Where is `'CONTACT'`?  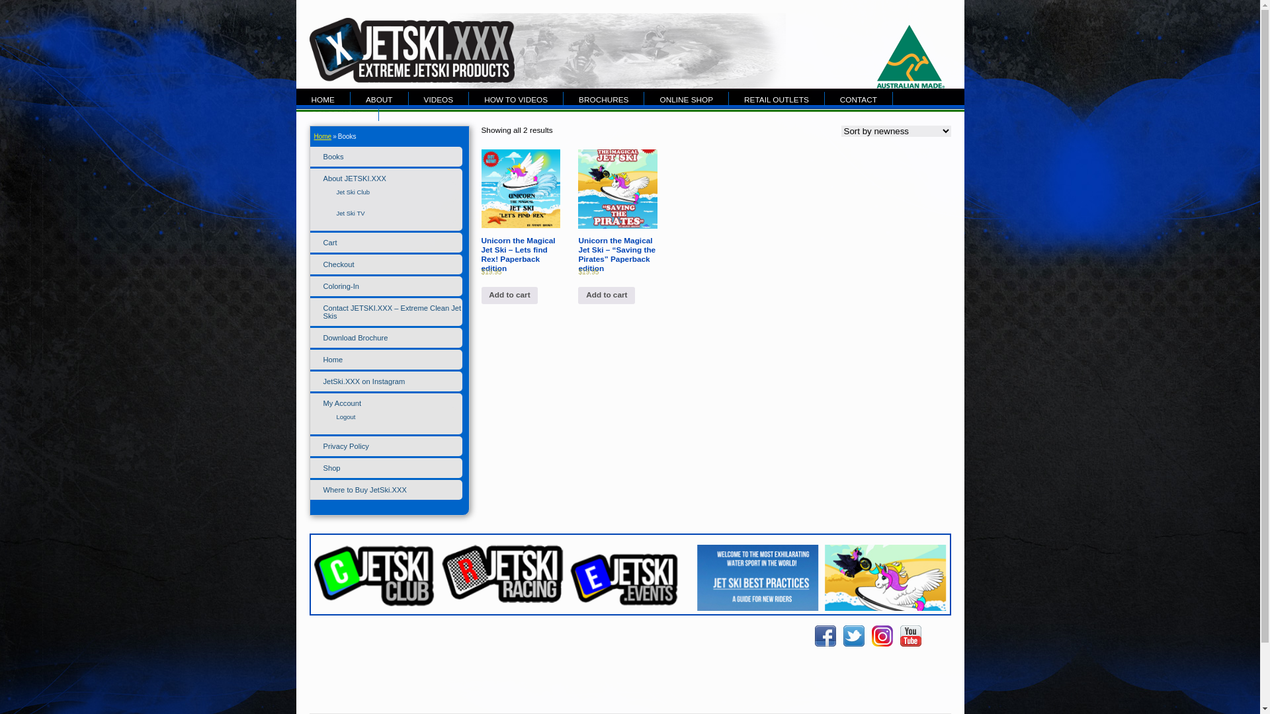
'CONTACT' is located at coordinates (859, 99).